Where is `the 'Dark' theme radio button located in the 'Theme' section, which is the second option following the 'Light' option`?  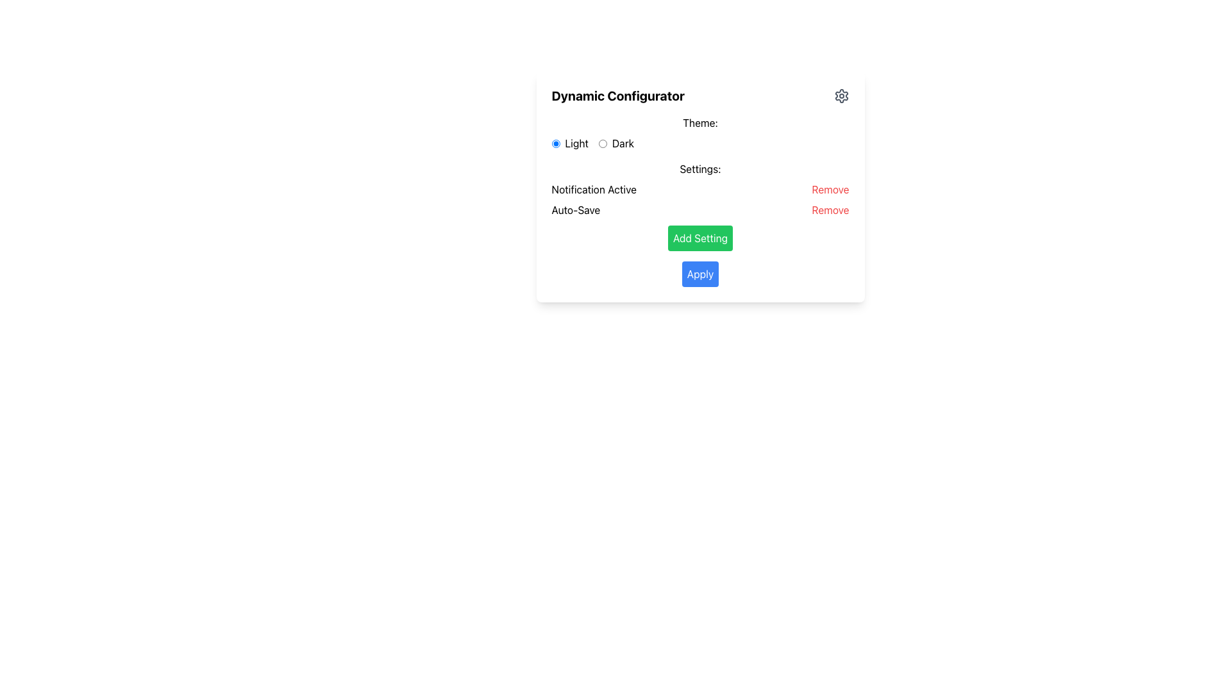 the 'Dark' theme radio button located in the 'Theme' section, which is the second option following the 'Light' option is located at coordinates (615, 143).